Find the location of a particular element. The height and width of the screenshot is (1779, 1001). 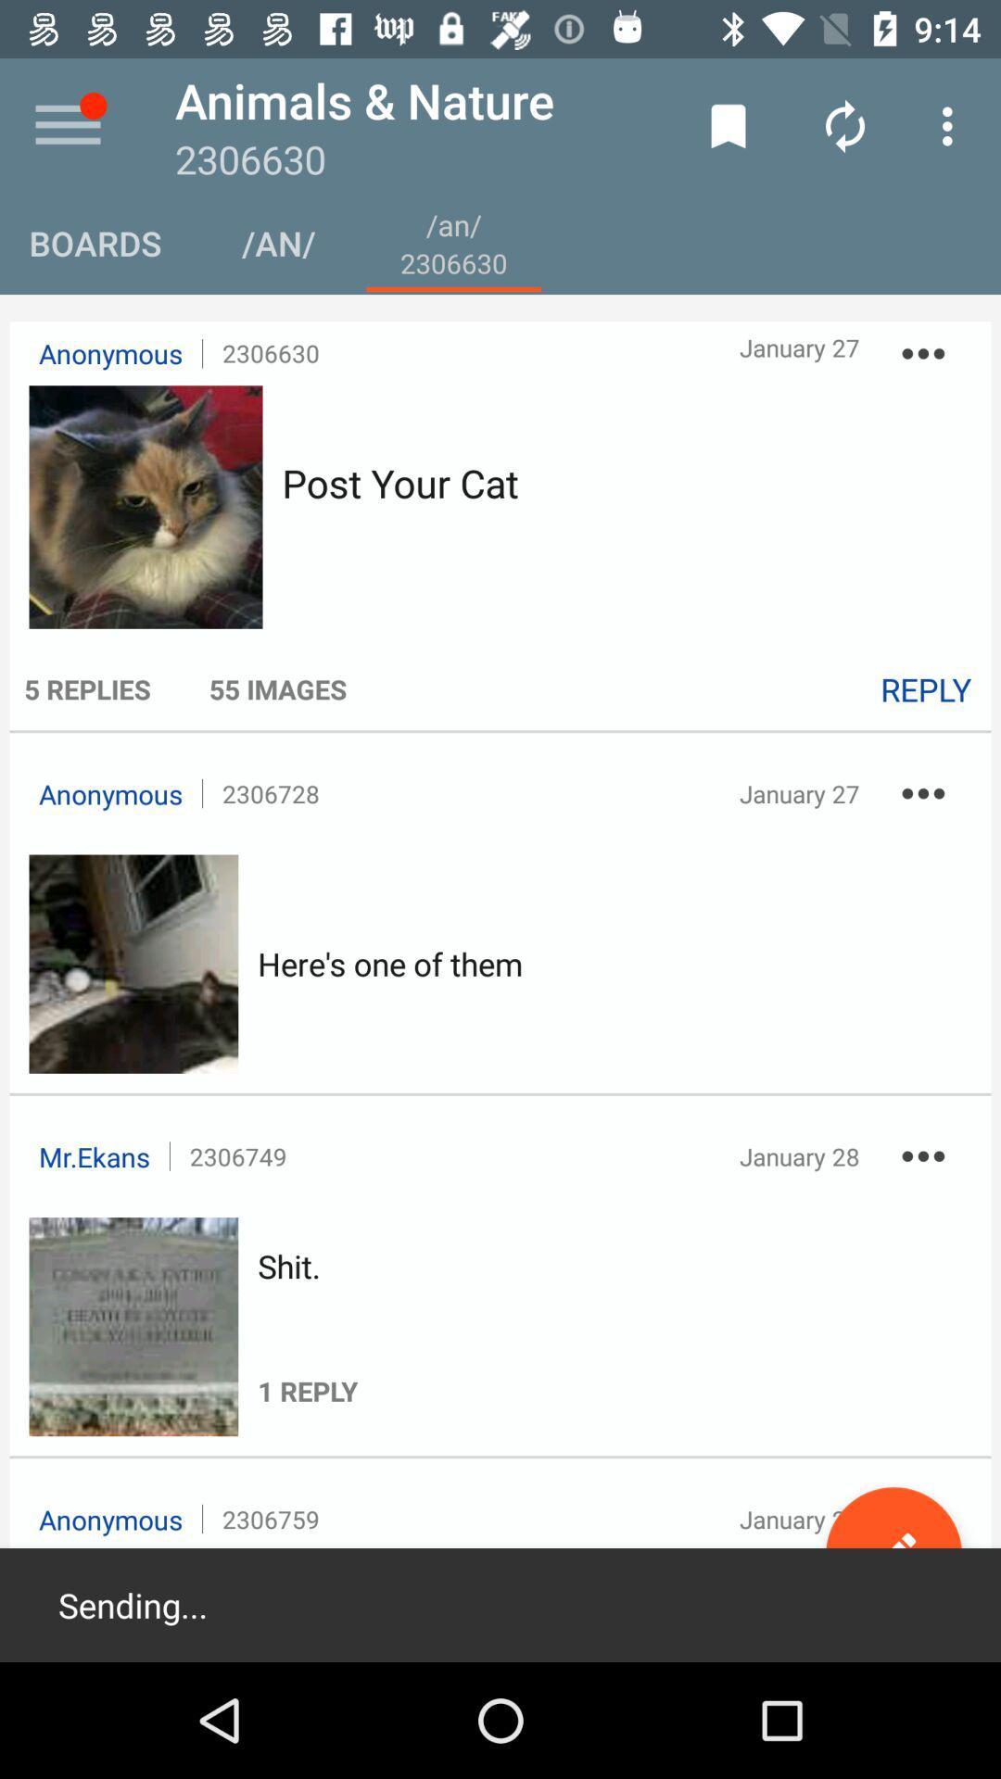

the item above the anonymous item is located at coordinates (87, 688).